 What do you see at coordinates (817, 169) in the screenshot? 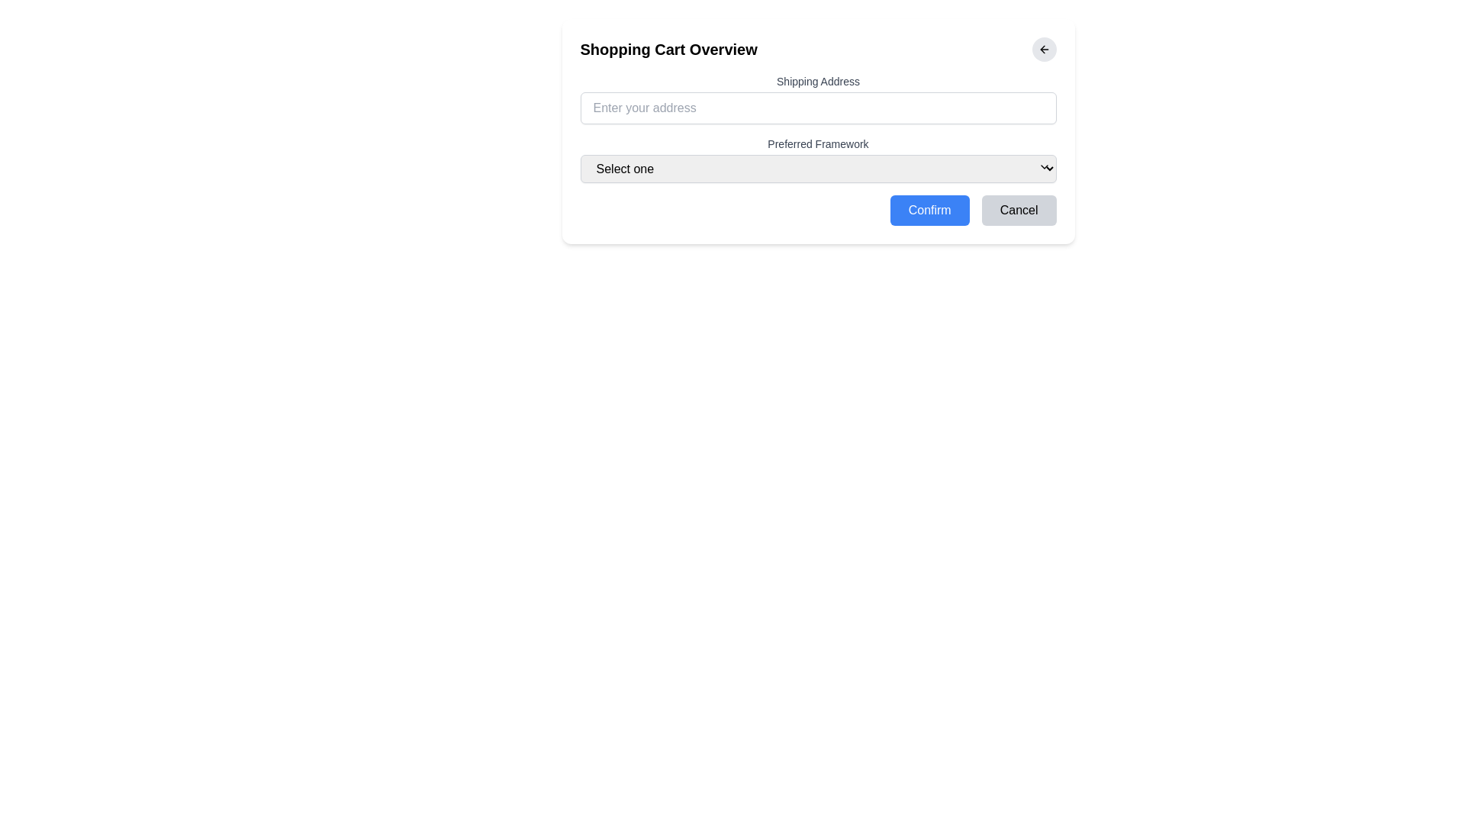
I see `the 'Preferred Framework' dropdown menu by tabbing to it, which is visually represented by a light gray background with 'Select one' text and a downward arrow` at bounding box center [817, 169].